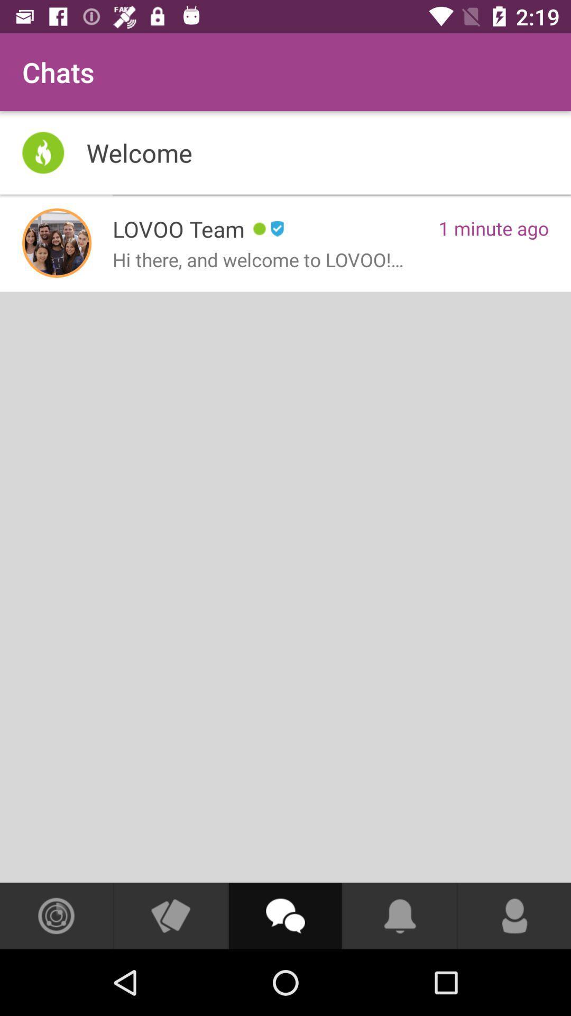 Image resolution: width=571 pixels, height=1016 pixels. What do you see at coordinates (57, 242) in the screenshot?
I see `profile` at bounding box center [57, 242].